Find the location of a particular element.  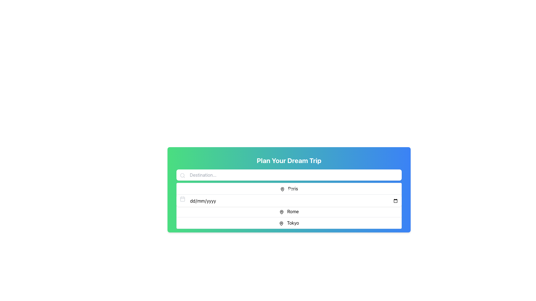

the SVG icon resembling a location pin located in the second row next to the text 'Rome' is located at coordinates (281, 223).